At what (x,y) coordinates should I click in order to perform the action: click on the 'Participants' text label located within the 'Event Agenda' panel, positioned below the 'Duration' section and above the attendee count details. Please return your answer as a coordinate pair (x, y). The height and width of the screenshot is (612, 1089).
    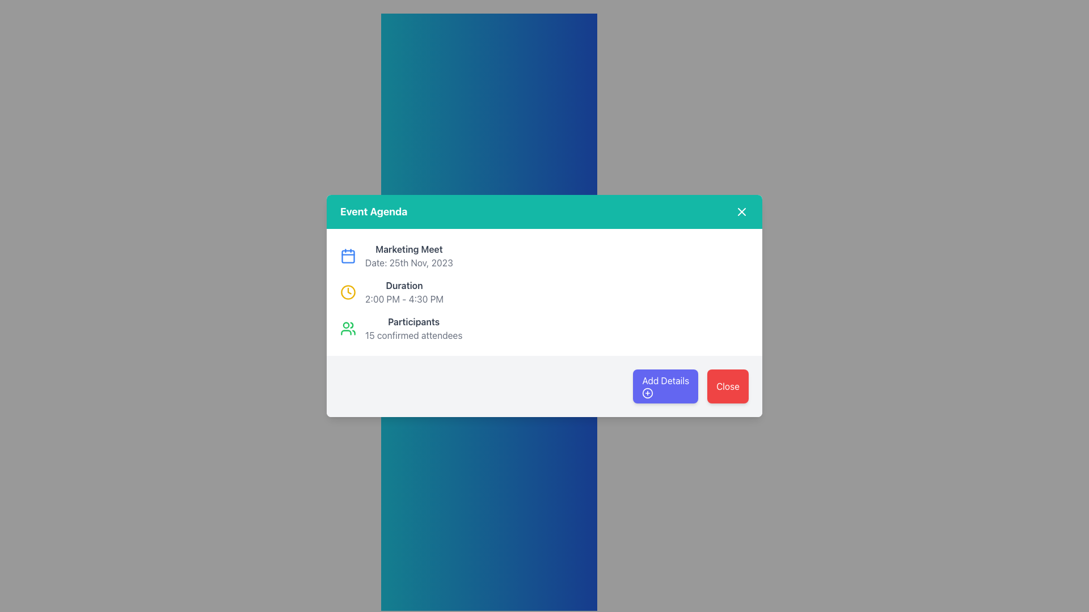
    Looking at the image, I should click on (413, 321).